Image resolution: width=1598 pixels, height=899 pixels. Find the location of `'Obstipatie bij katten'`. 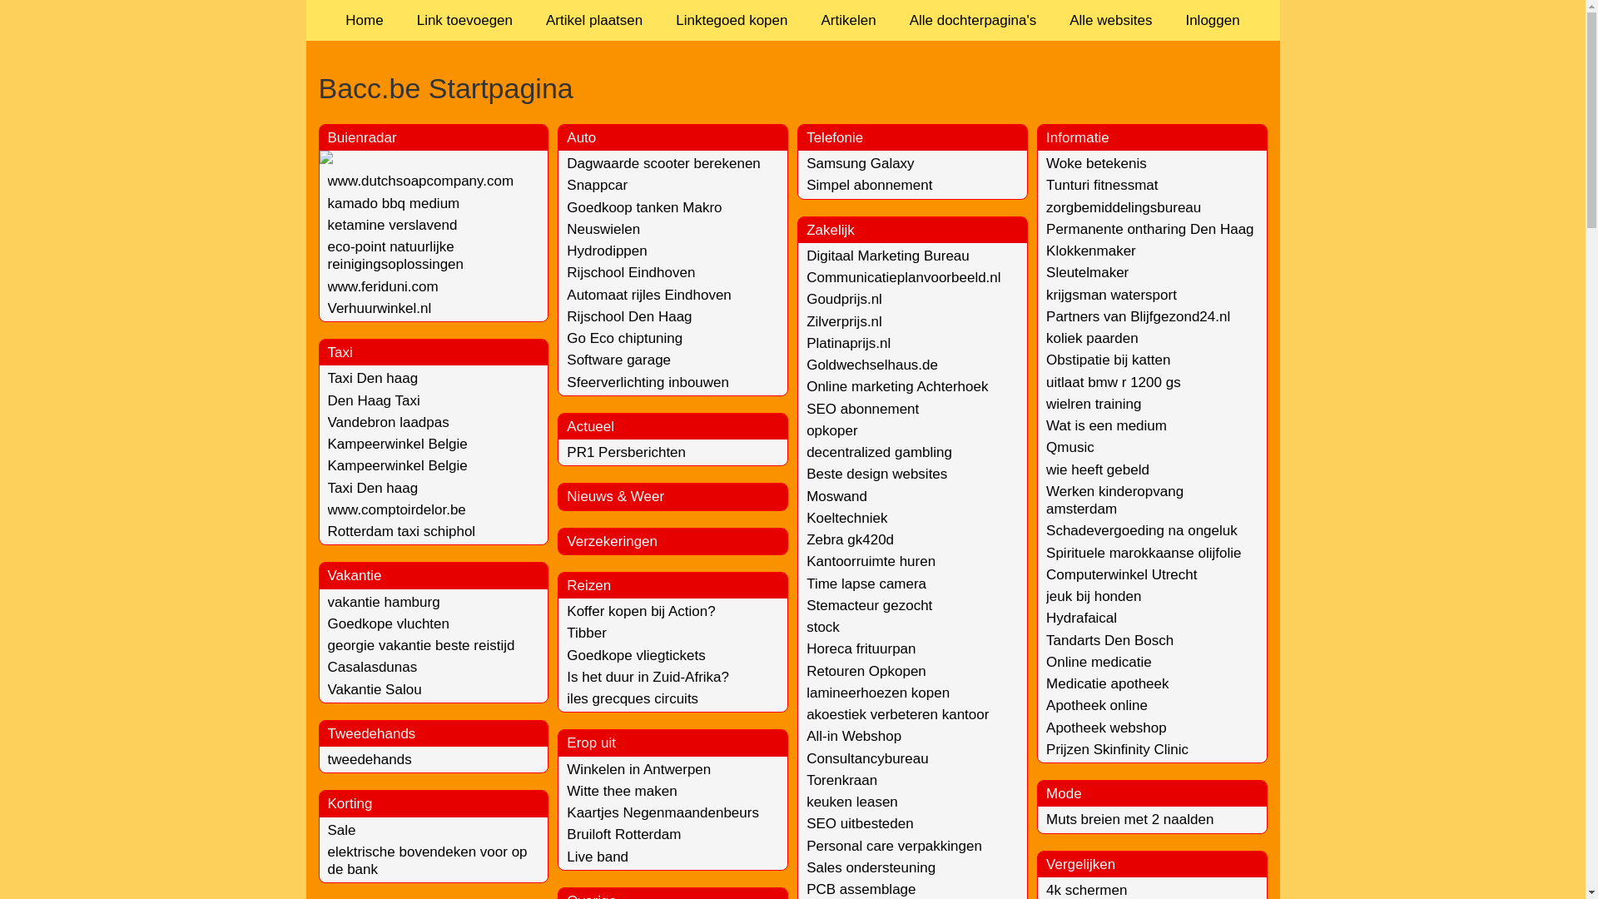

'Obstipatie bij katten' is located at coordinates (1108, 359).